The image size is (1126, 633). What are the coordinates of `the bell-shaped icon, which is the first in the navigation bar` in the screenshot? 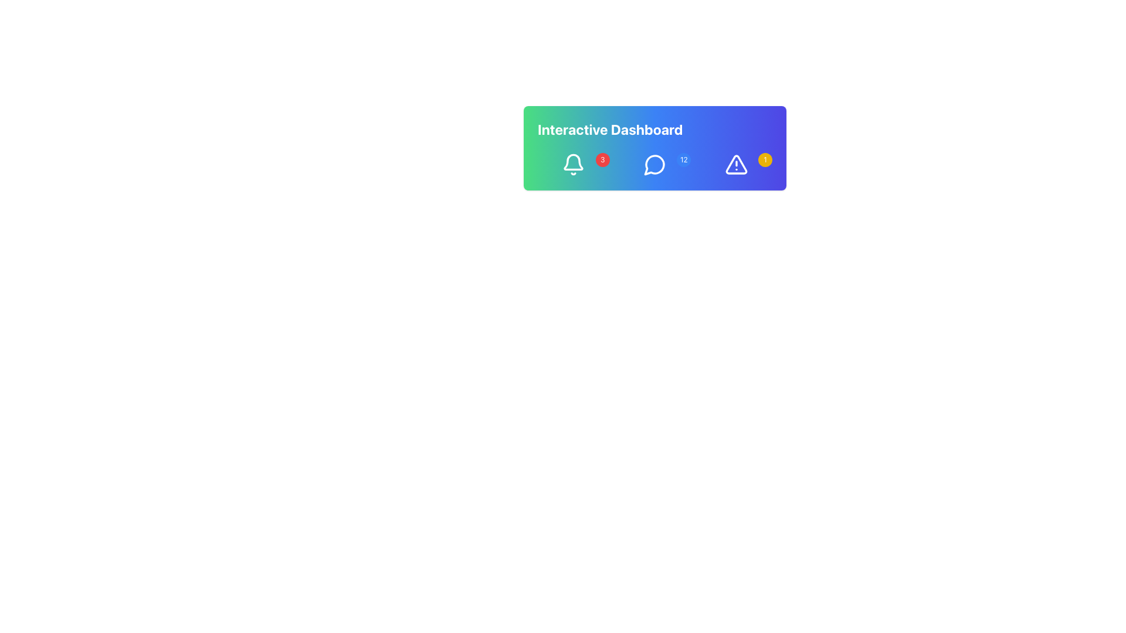 It's located at (574, 165).